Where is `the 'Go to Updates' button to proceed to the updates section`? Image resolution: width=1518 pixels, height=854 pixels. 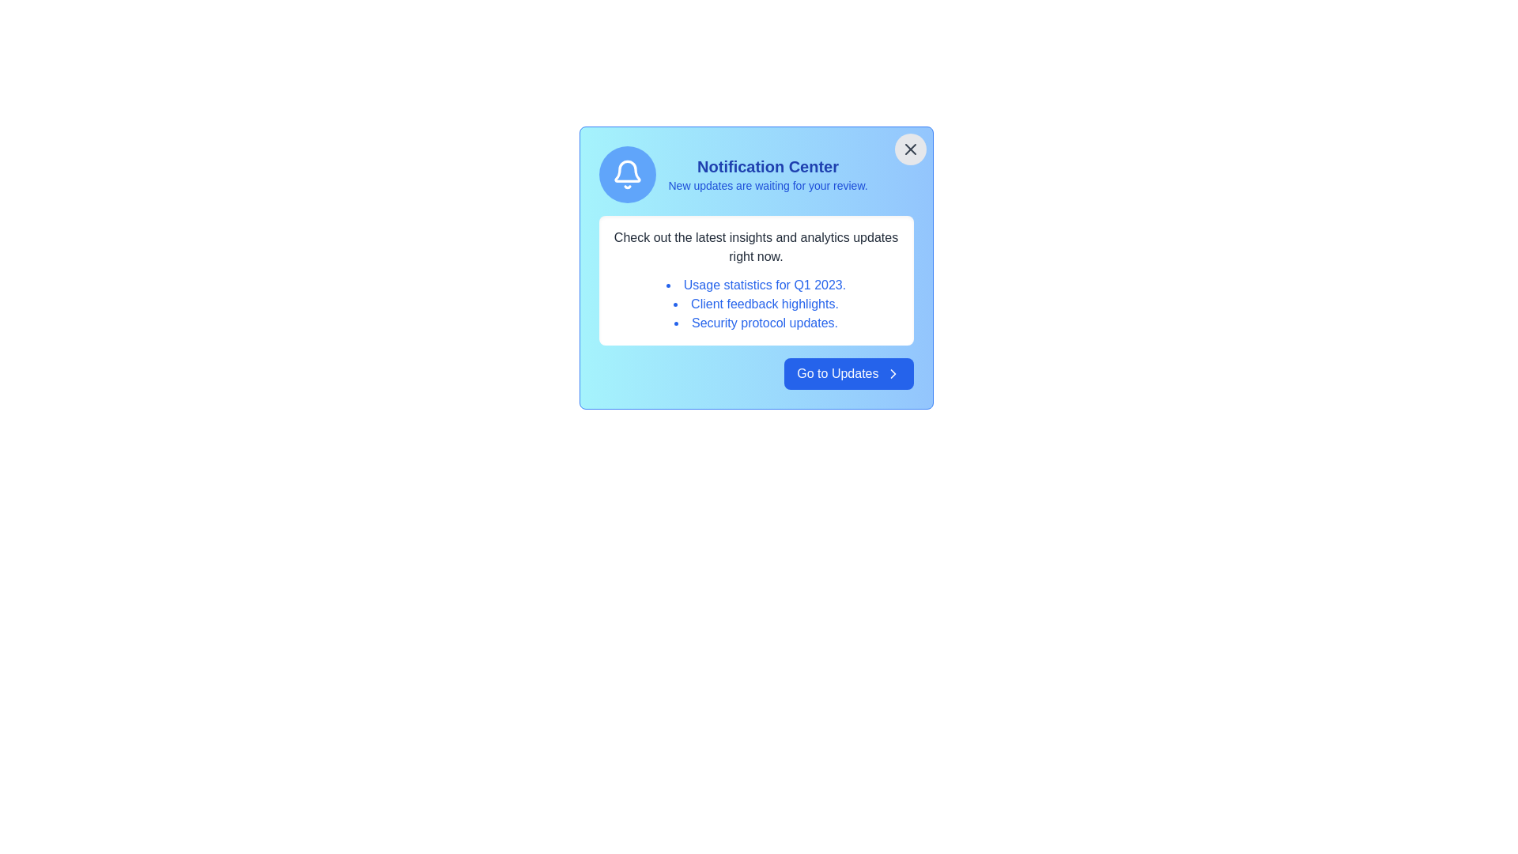 the 'Go to Updates' button to proceed to the updates section is located at coordinates (848, 374).